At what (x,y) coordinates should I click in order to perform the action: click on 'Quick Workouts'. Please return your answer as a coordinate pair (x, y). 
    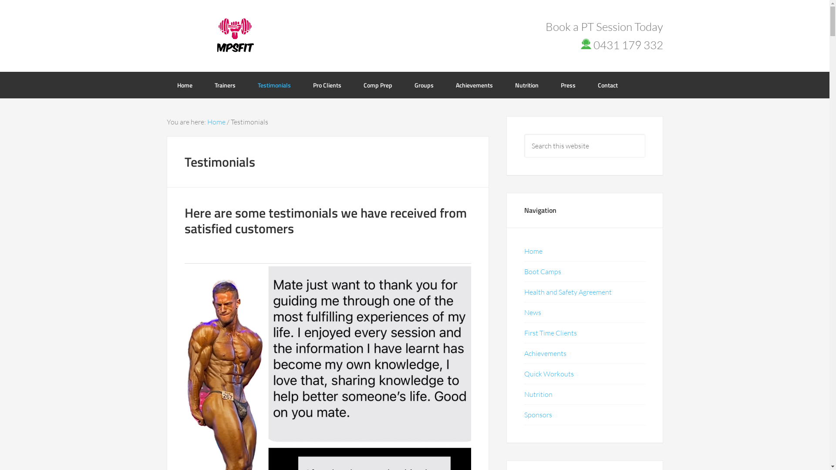
    Looking at the image, I should click on (524, 373).